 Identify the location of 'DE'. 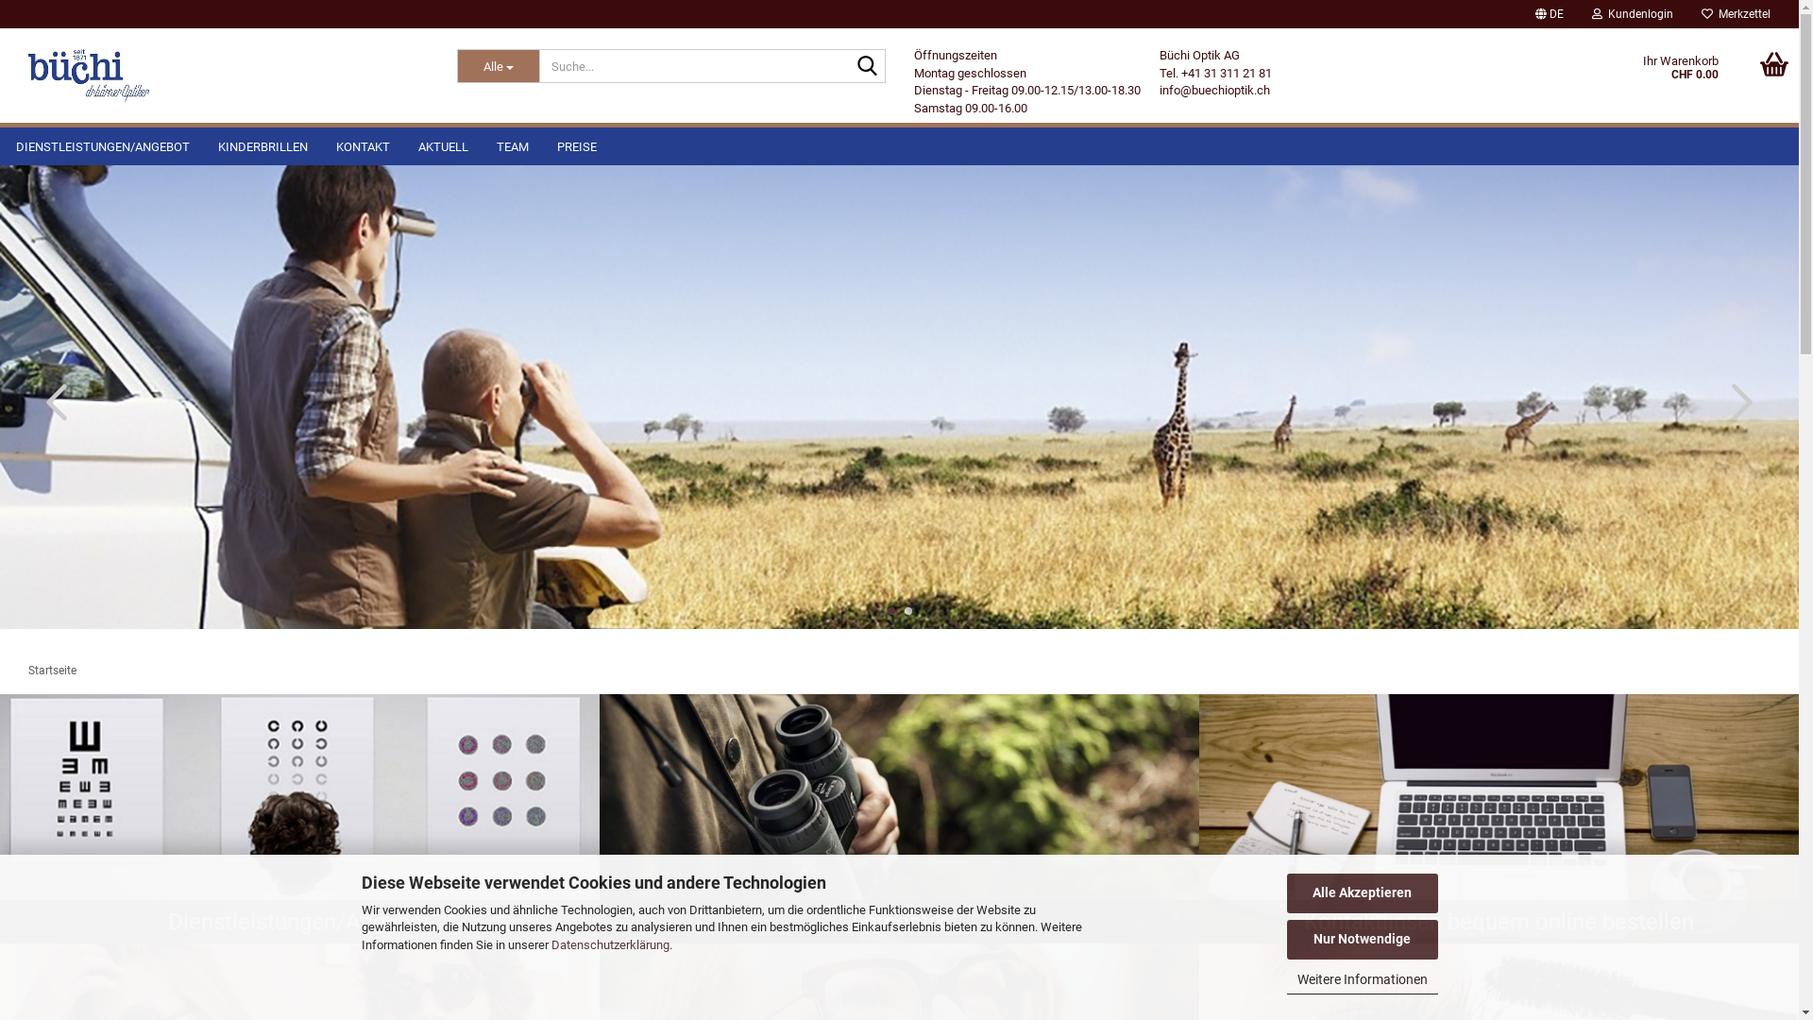
(1550, 14).